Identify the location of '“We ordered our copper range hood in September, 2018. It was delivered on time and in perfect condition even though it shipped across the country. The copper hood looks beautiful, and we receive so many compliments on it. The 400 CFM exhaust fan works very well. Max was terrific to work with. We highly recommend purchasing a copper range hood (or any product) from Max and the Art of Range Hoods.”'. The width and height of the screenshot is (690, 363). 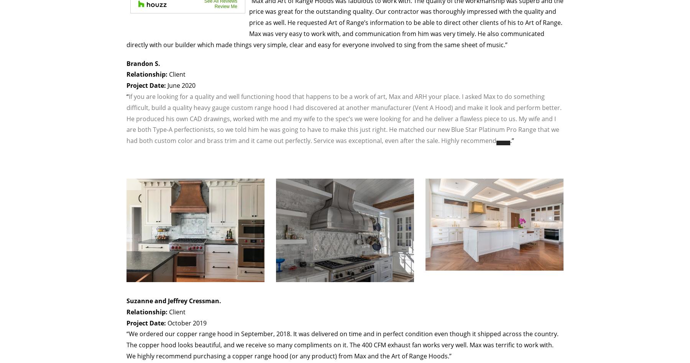
(342, 344).